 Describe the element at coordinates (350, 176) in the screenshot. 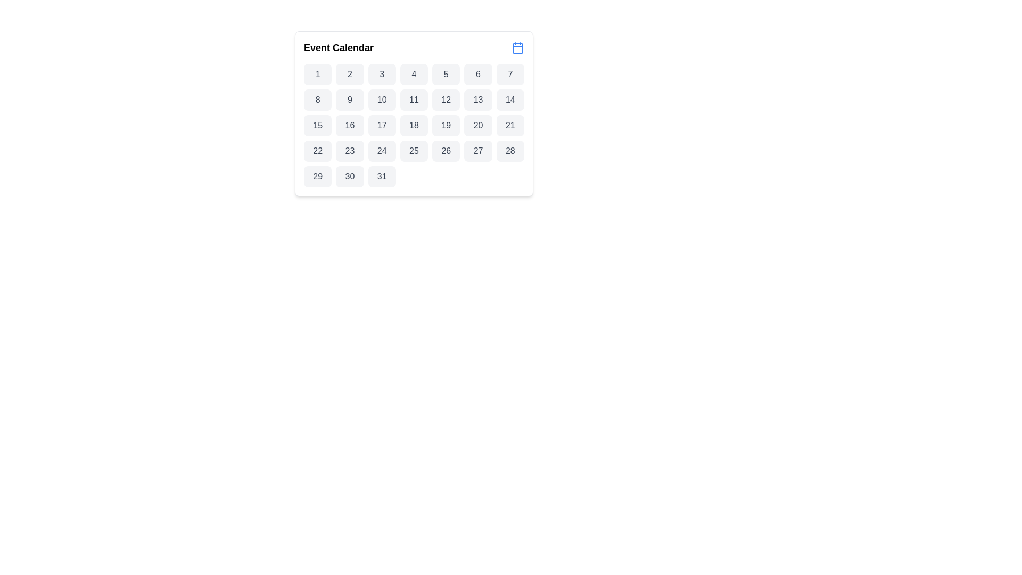

I see `the button labeled '30'` at that location.